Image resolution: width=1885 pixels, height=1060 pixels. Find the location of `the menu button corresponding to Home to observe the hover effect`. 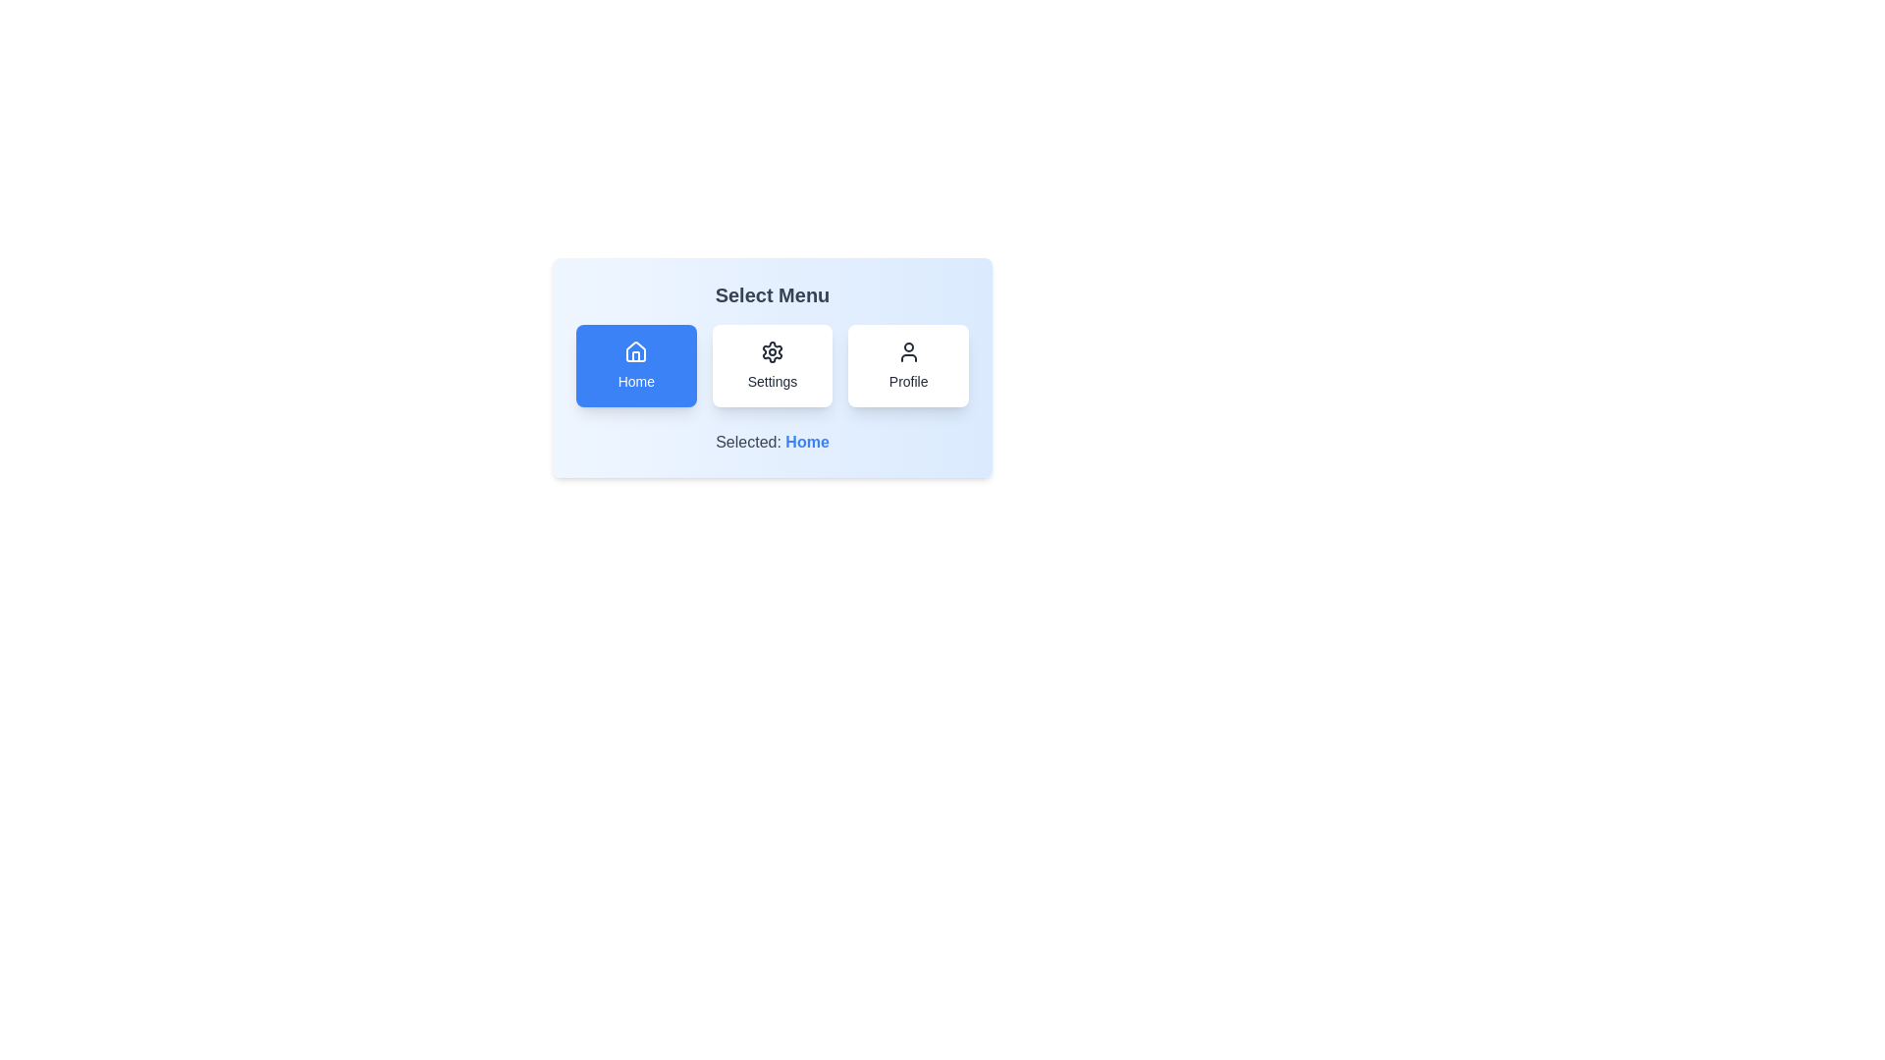

the menu button corresponding to Home to observe the hover effect is located at coordinates (636, 366).